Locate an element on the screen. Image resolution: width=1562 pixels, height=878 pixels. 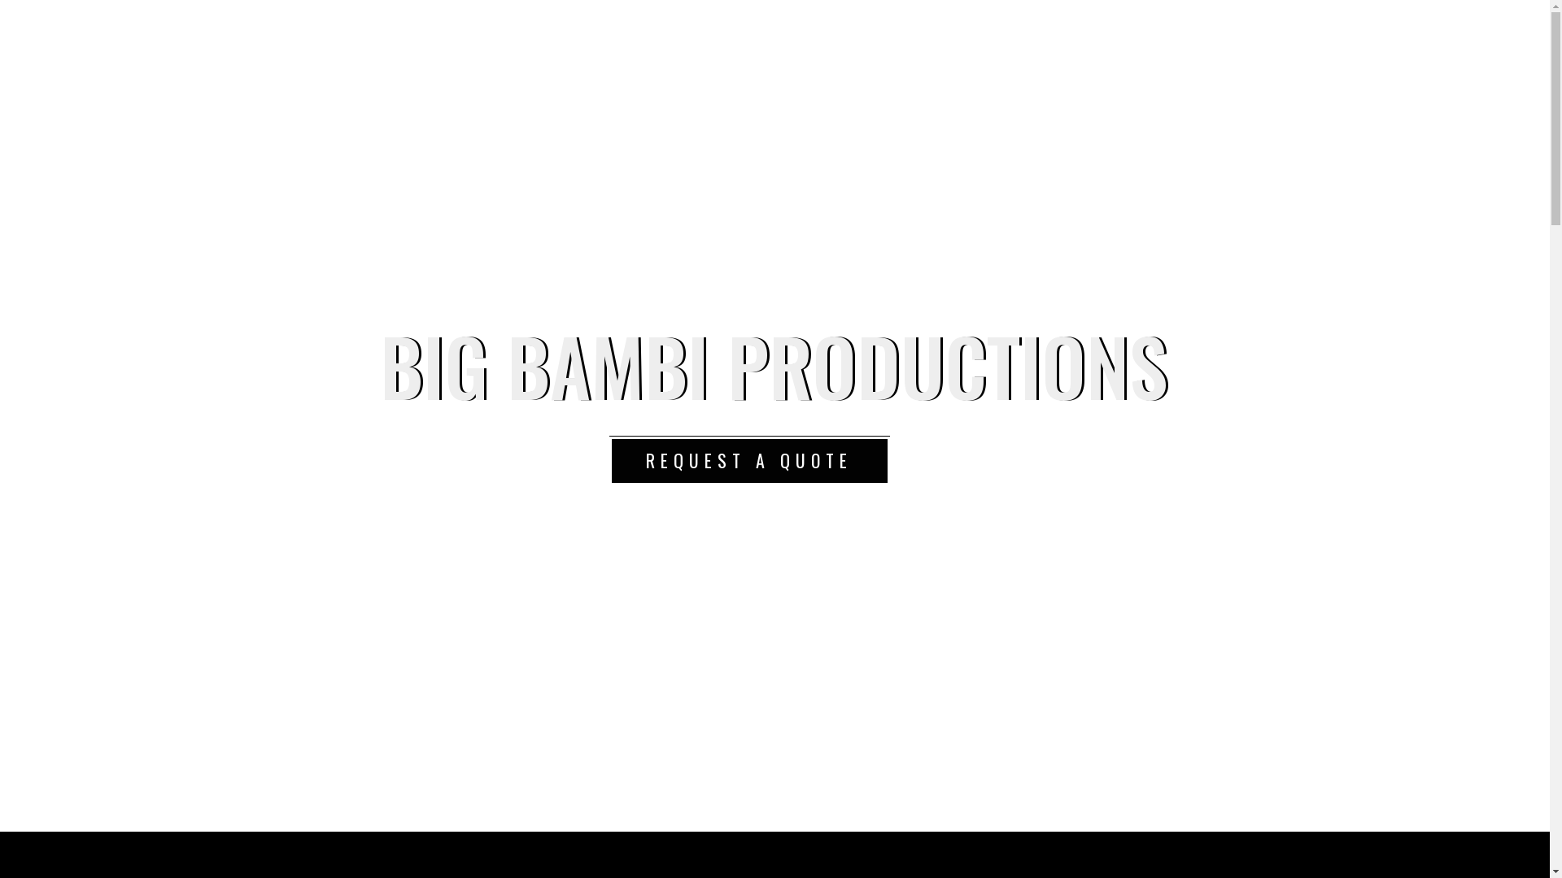
'REQUEST A QUOTE' is located at coordinates (748, 461).